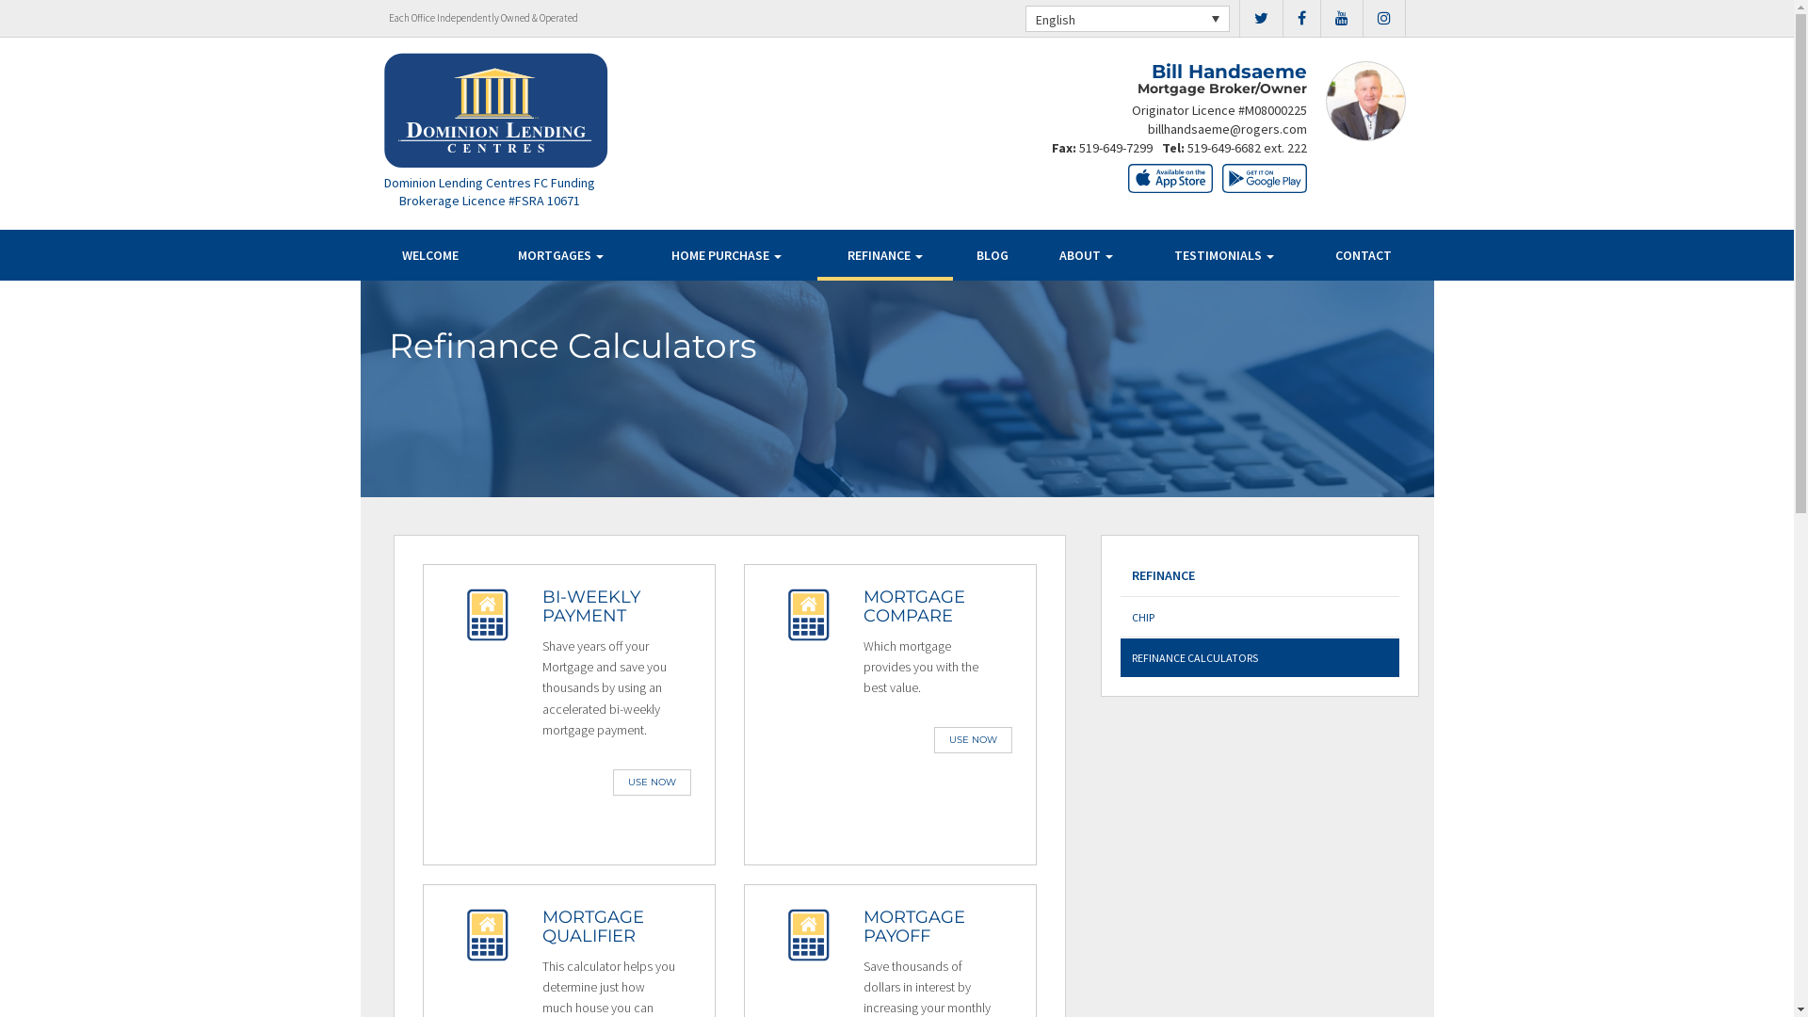 The height and width of the screenshot is (1017, 1808). What do you see at coordinates (1085, 254) in the screenshot?
I see `'ABOUT'` at bounding box center [1085, 254].